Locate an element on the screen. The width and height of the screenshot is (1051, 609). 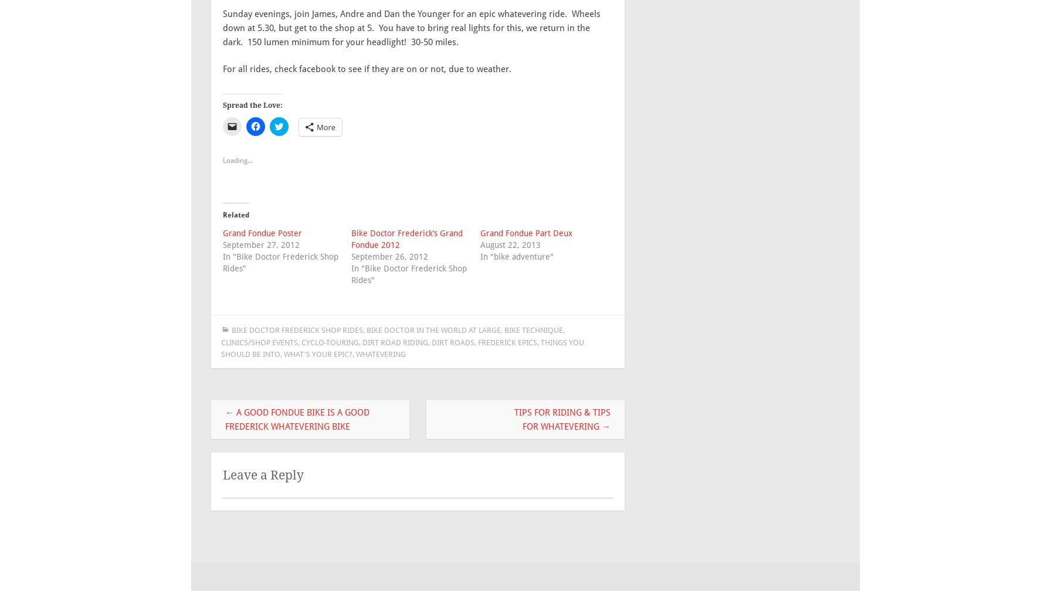
'Loading...' is located at coordinates (238, 160).